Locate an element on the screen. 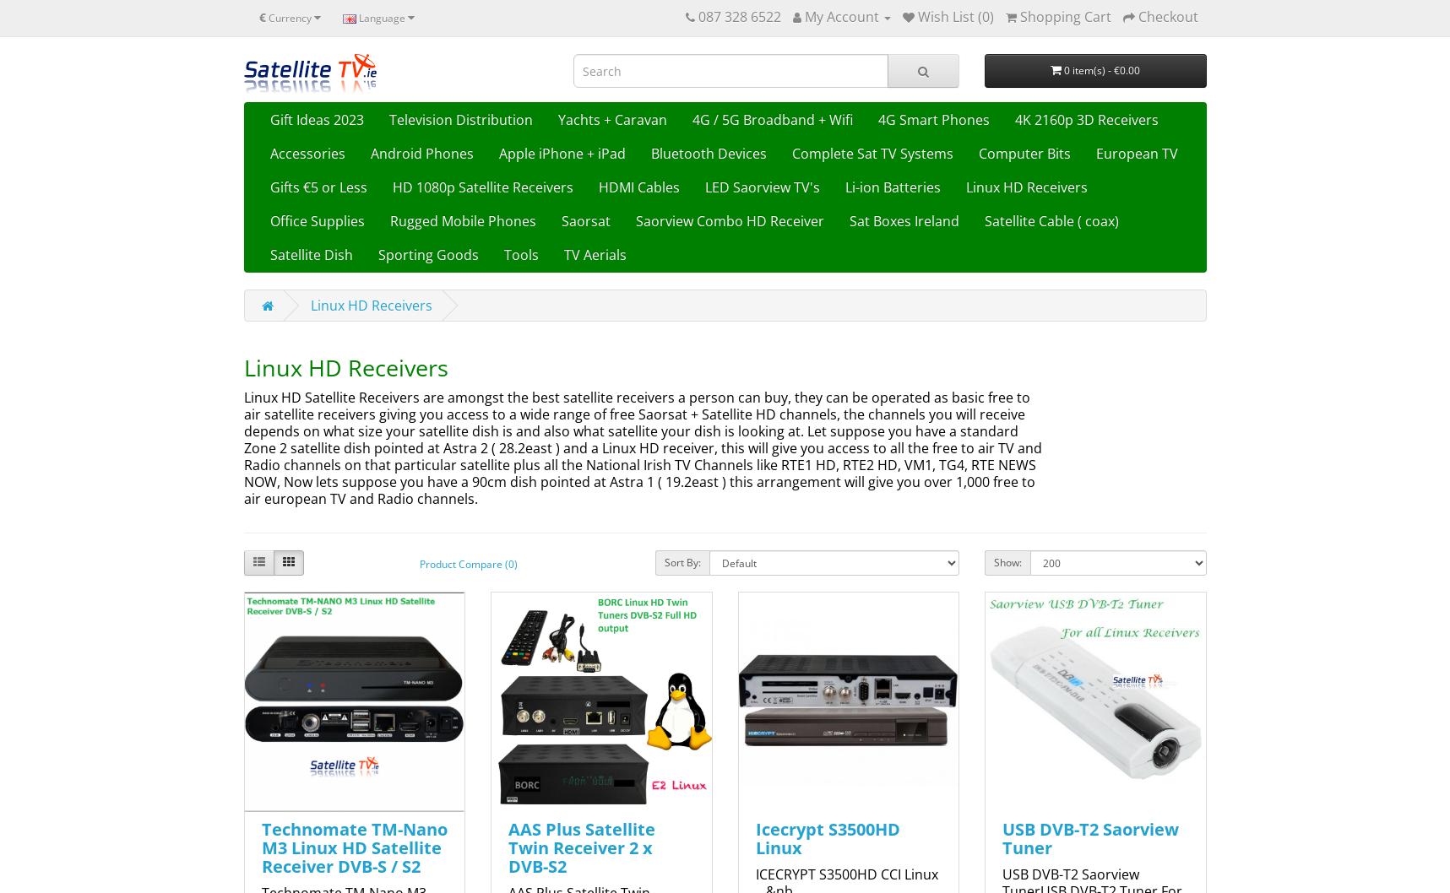  'Satellite Cable ( coax)' is located at coordinates (1051, 220).